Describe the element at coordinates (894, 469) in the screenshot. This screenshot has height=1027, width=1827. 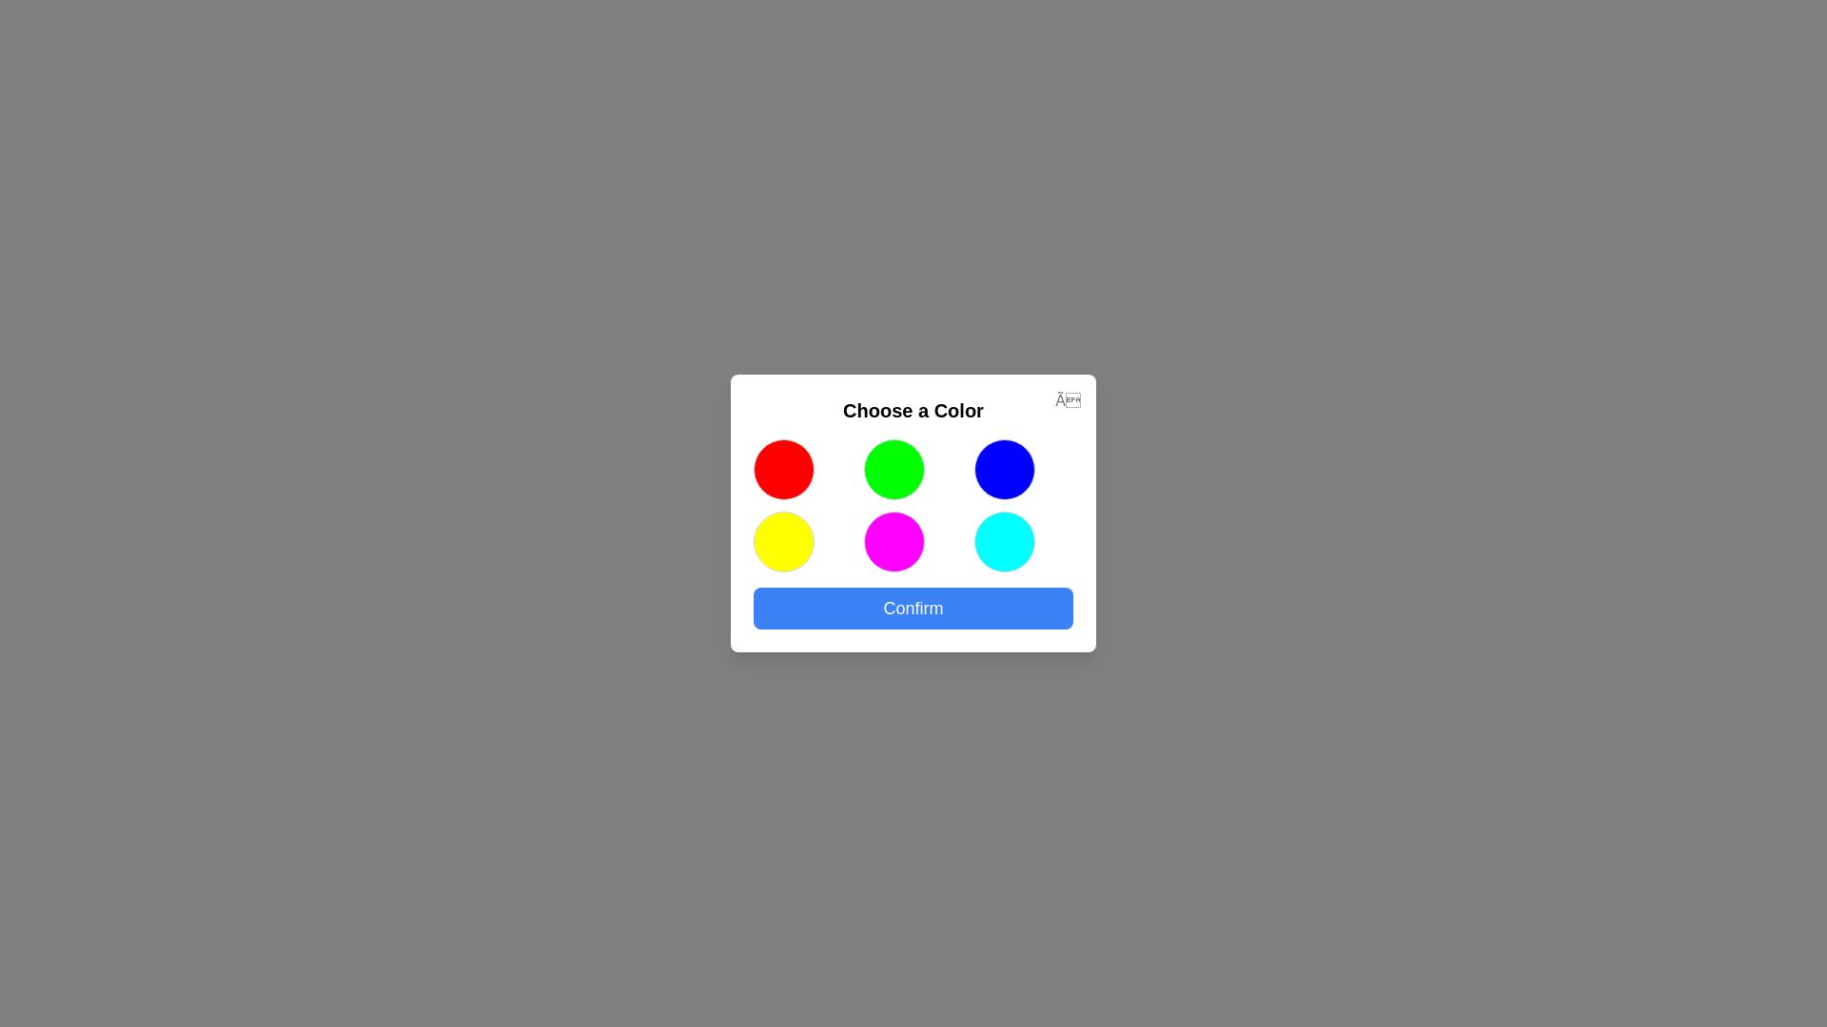
I see `the colored circle corresponding to green` at that location.